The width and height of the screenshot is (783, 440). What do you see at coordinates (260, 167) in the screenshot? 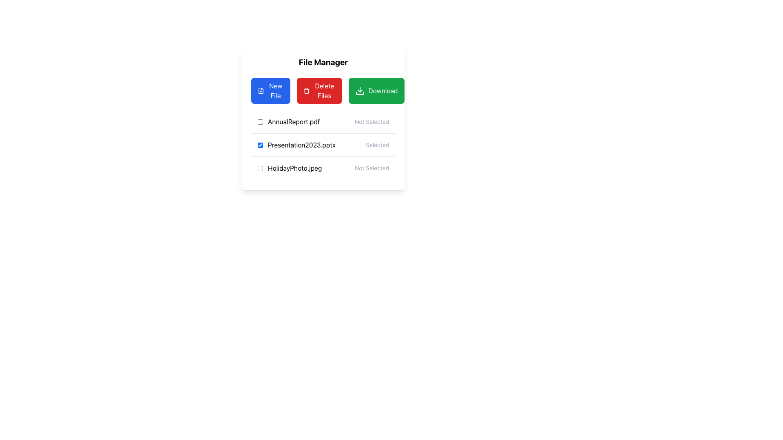
I see `the checkbox associated with the file 'HolidayPhoto.jpeg'` at bounding box center [260, 167].